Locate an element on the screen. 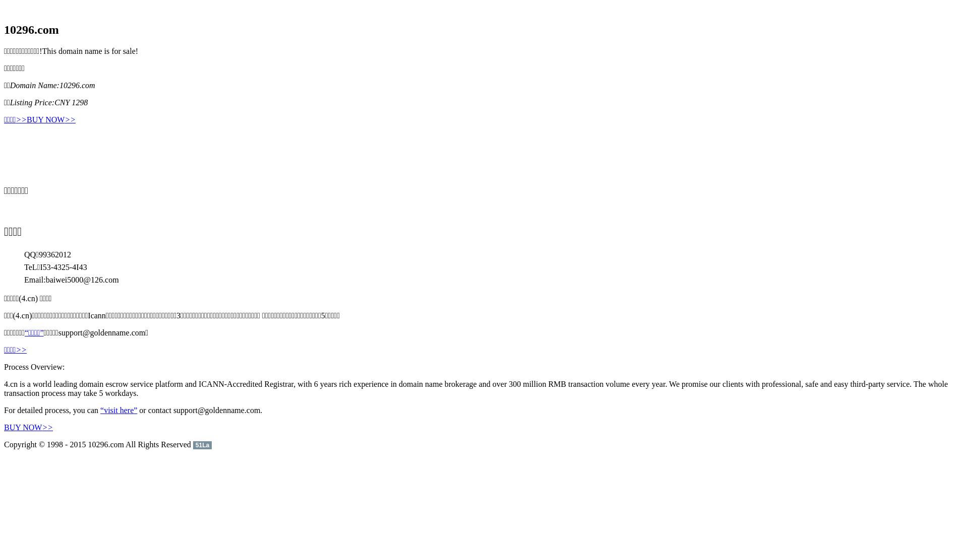  '51La' is located at coordinates (202, 444).